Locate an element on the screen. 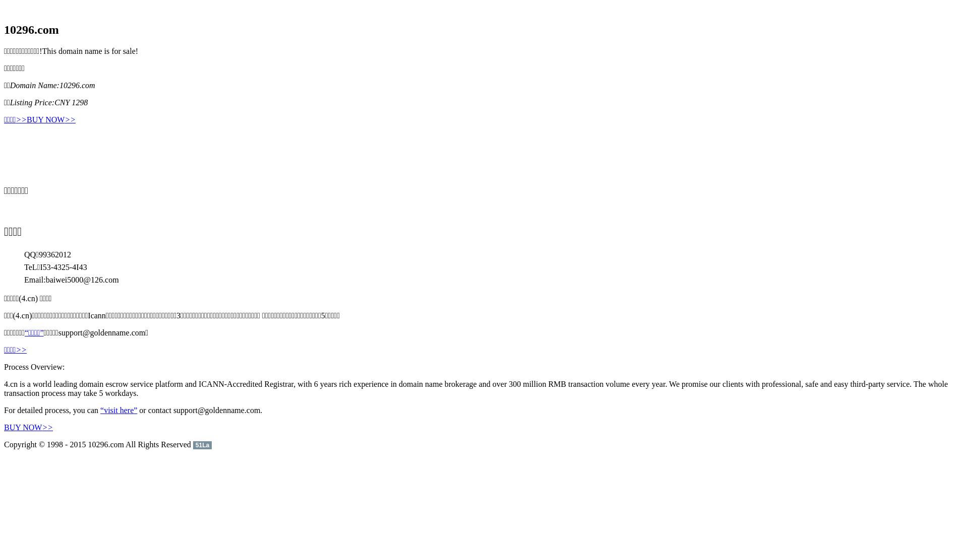  '51La' is located at coordinates (202, 444).